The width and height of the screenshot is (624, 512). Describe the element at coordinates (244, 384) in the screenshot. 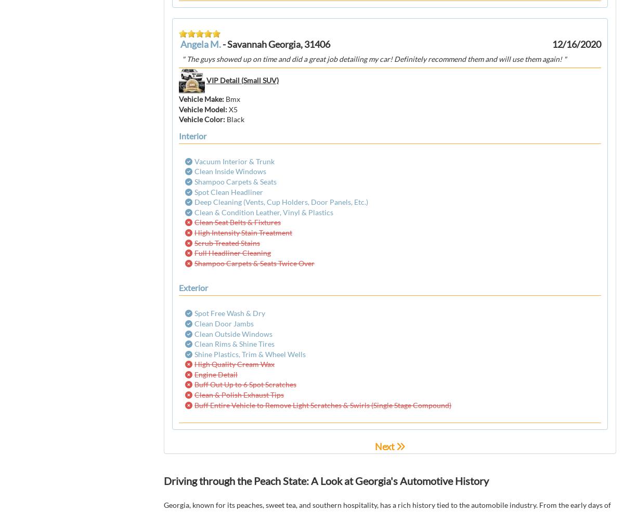

I see `'Buff Out Up to 6 Spot Scratches'` at that location.